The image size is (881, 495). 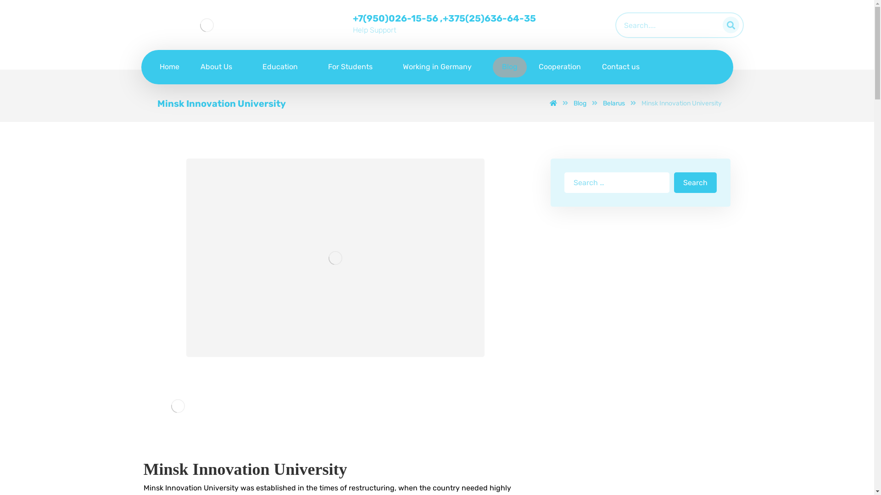 I want to click on 'For Students', so click(x=354, y=66).